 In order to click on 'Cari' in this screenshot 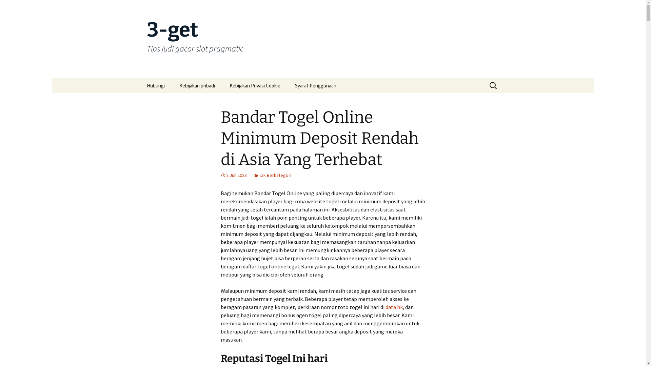, I will do `click(12, 7)`.